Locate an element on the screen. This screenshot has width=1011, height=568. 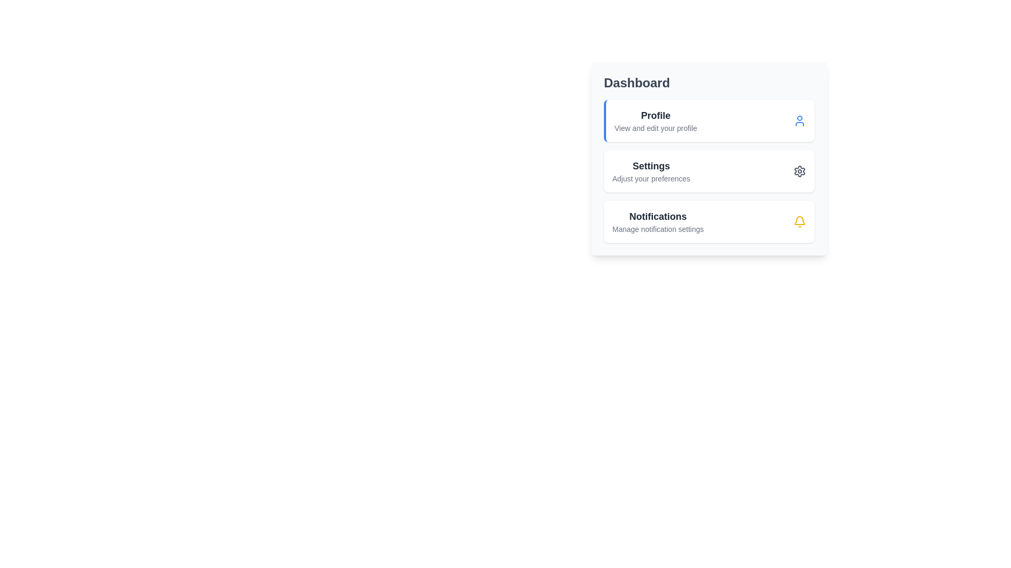
the static text element displaying 'Manage notification settings' located beneath the 'Notifications' title in the 'Dashboard' card is located at coordinates (657, 228).